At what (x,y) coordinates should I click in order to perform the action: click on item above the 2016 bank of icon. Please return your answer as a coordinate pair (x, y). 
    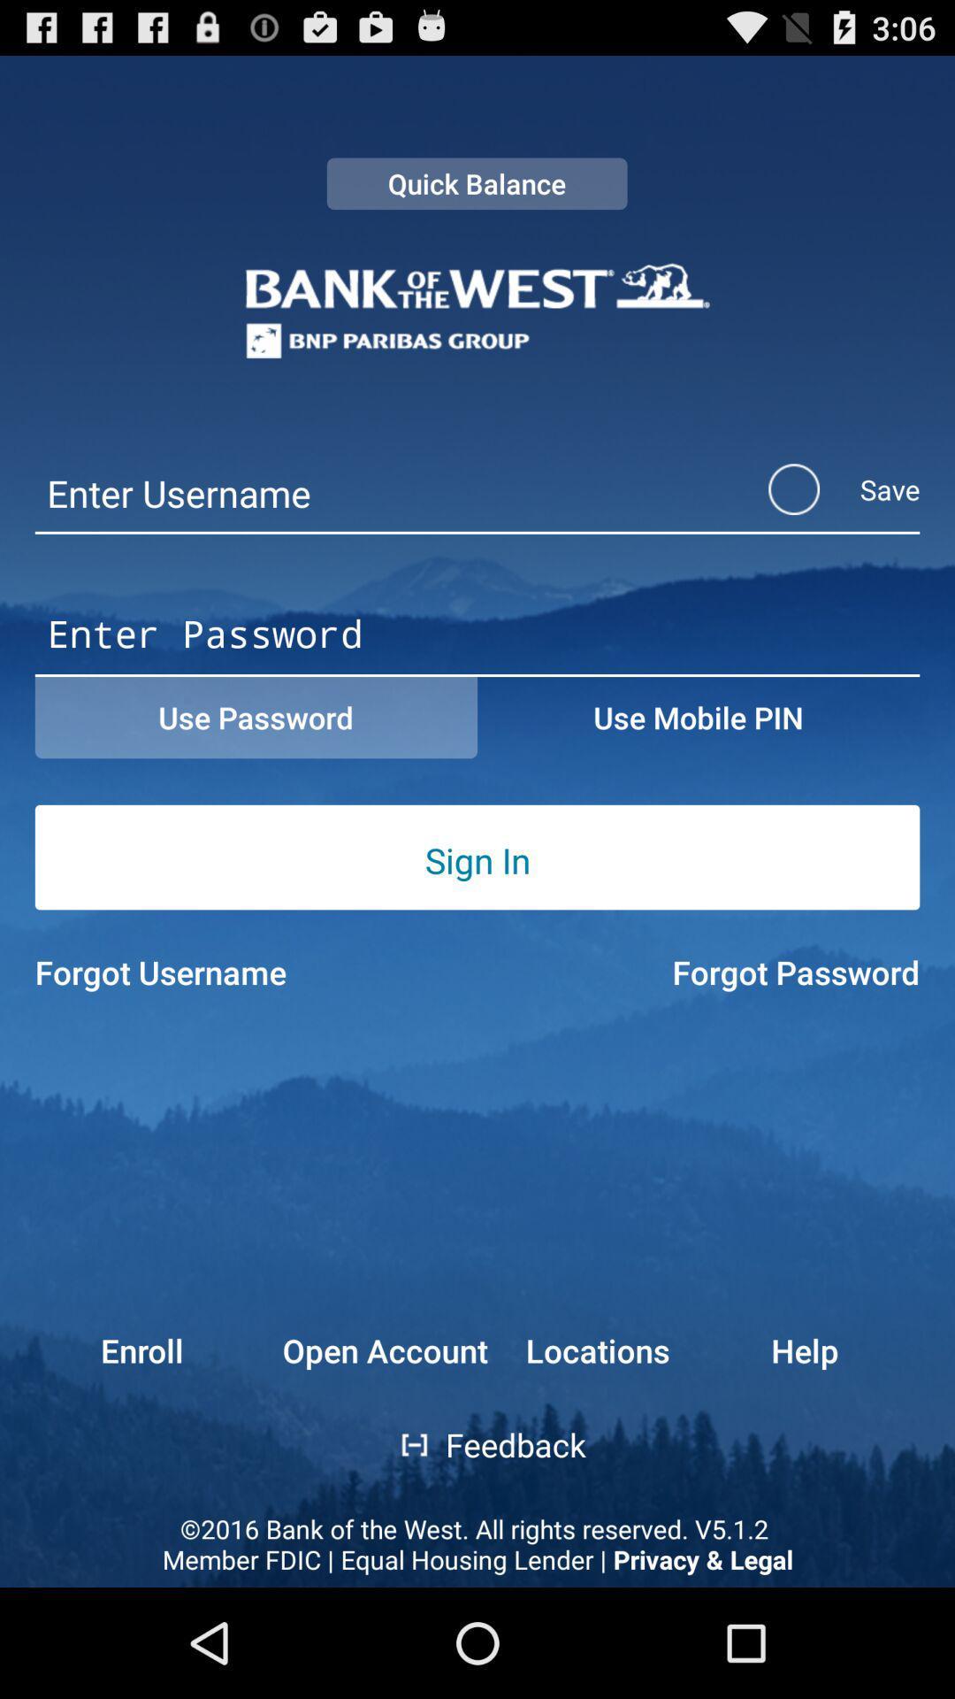
    Looking at the image, I should click on (109, 1349).